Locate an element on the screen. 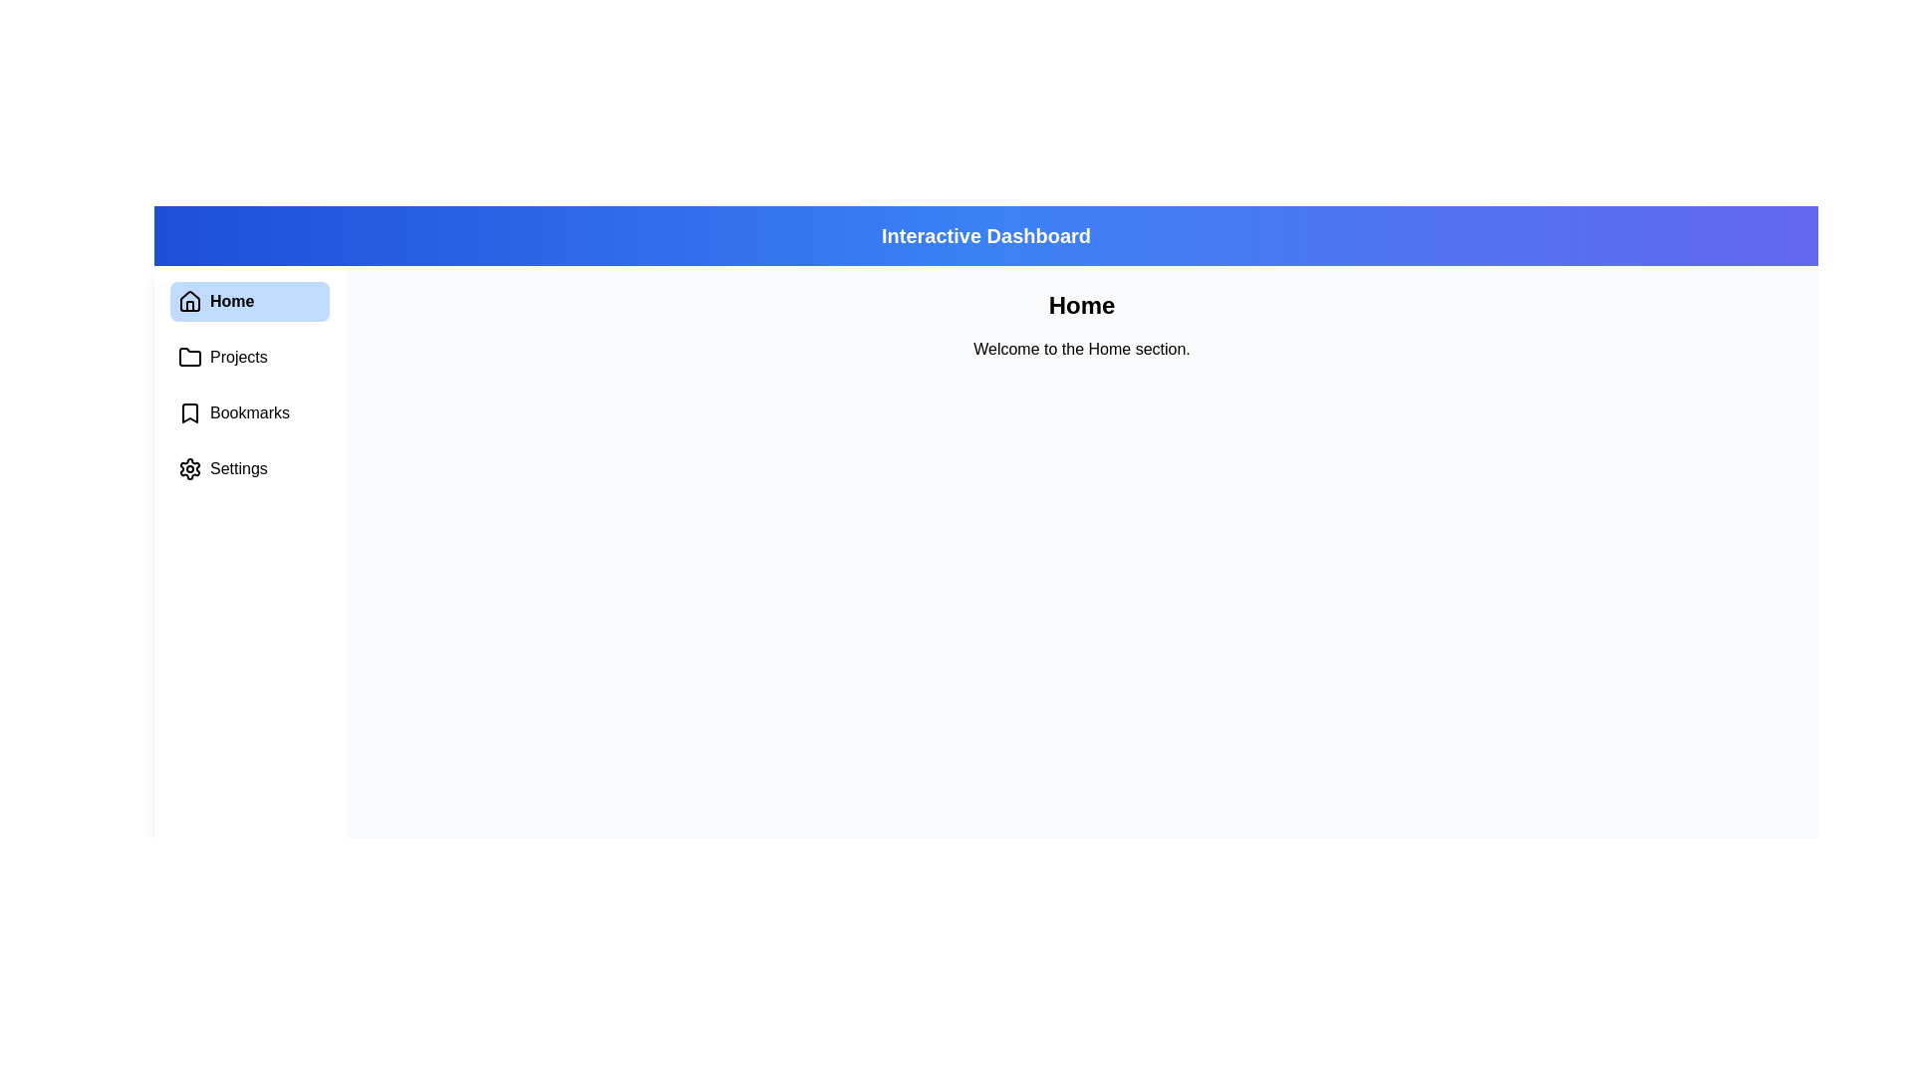 The width and height of the screenshot is (1913, 1076). the menu item Home to view its content is located at coordinates (248, 302).